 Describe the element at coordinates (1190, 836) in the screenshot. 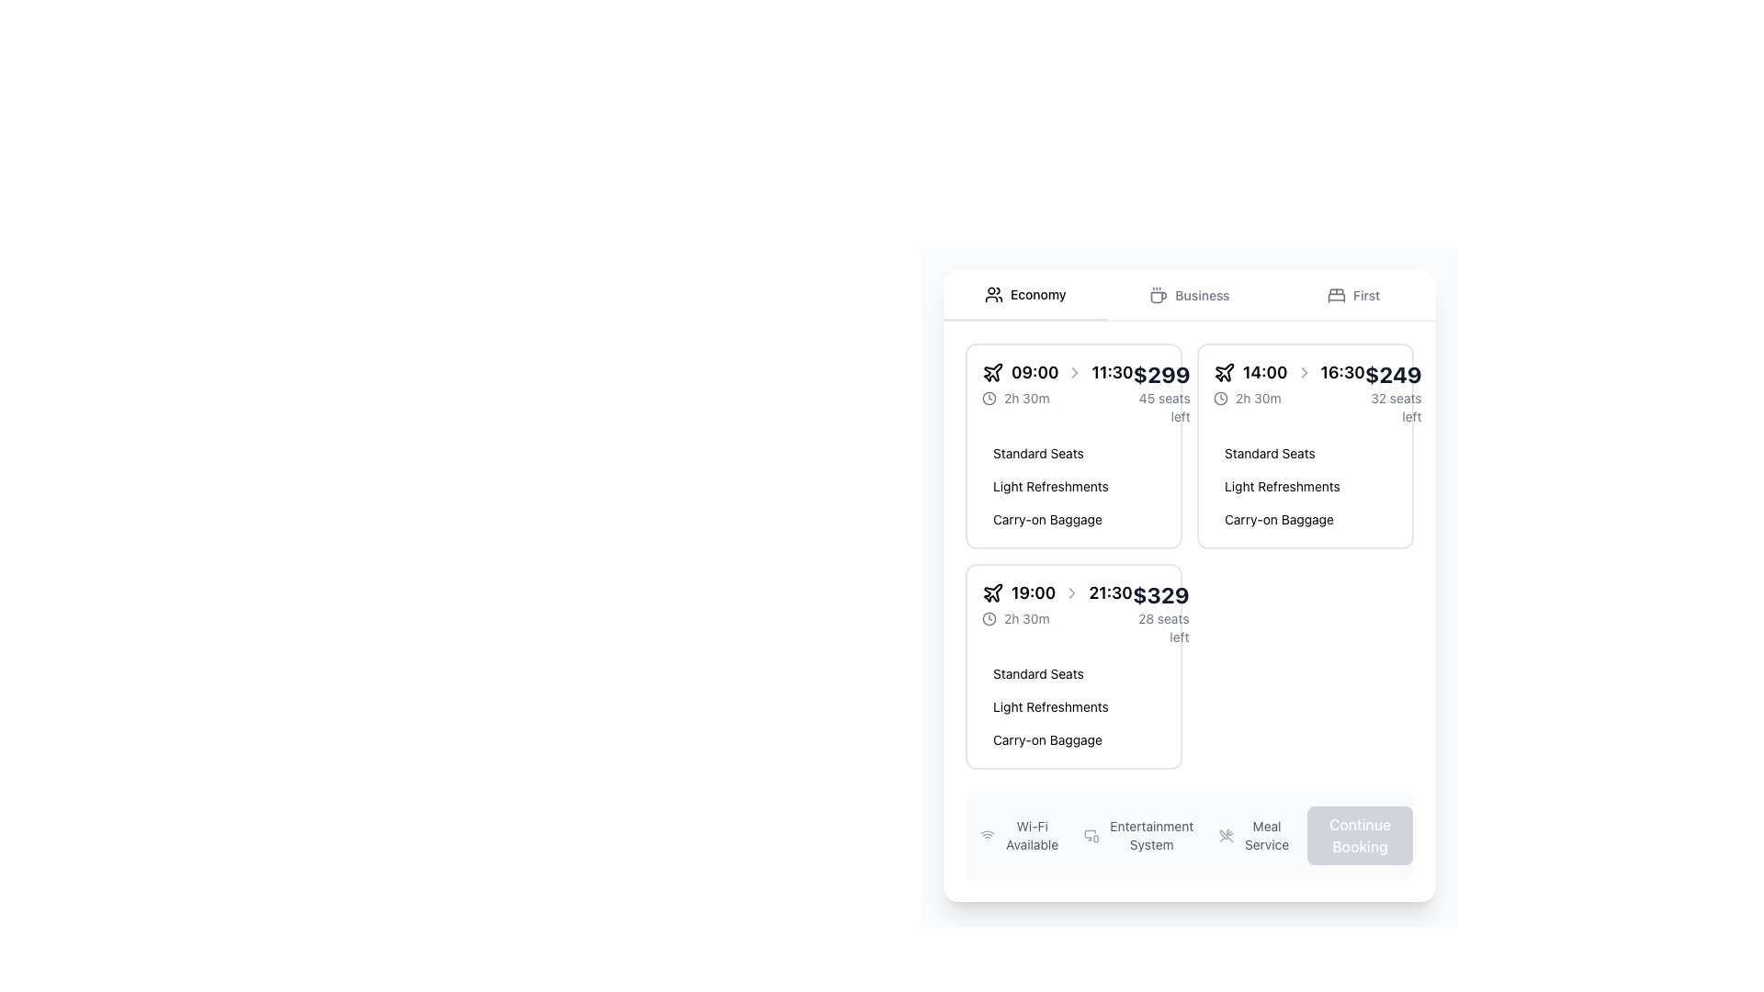

I see `the Informational Section located at the bottom center of the layout, which displays features like 'Wi-Fi Available', 'Entertainment System', and 'Meal Service'` at that location.